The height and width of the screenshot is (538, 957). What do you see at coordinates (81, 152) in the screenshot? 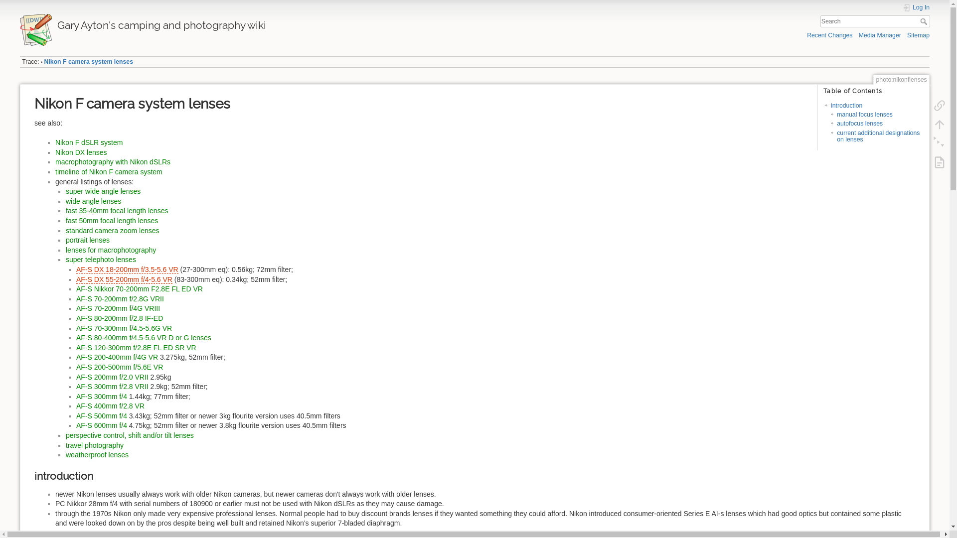
I see `'Nikon DX lenses'` at bounding box center [81, 152].